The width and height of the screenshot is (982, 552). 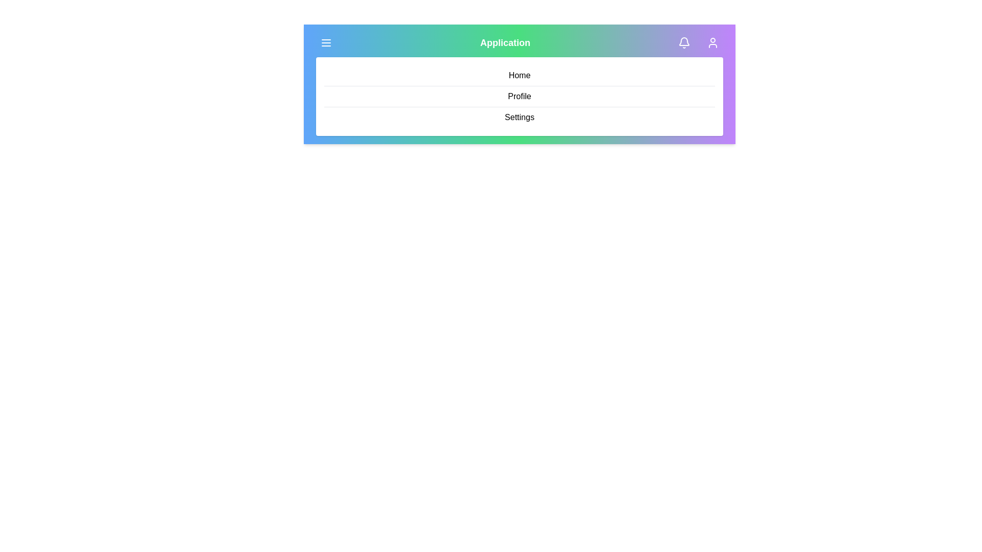 What do you see at coordinates (712, 42) in the screenshot?
I see `the user profile icon to open the profile menu` at bounding box center [712, 42].